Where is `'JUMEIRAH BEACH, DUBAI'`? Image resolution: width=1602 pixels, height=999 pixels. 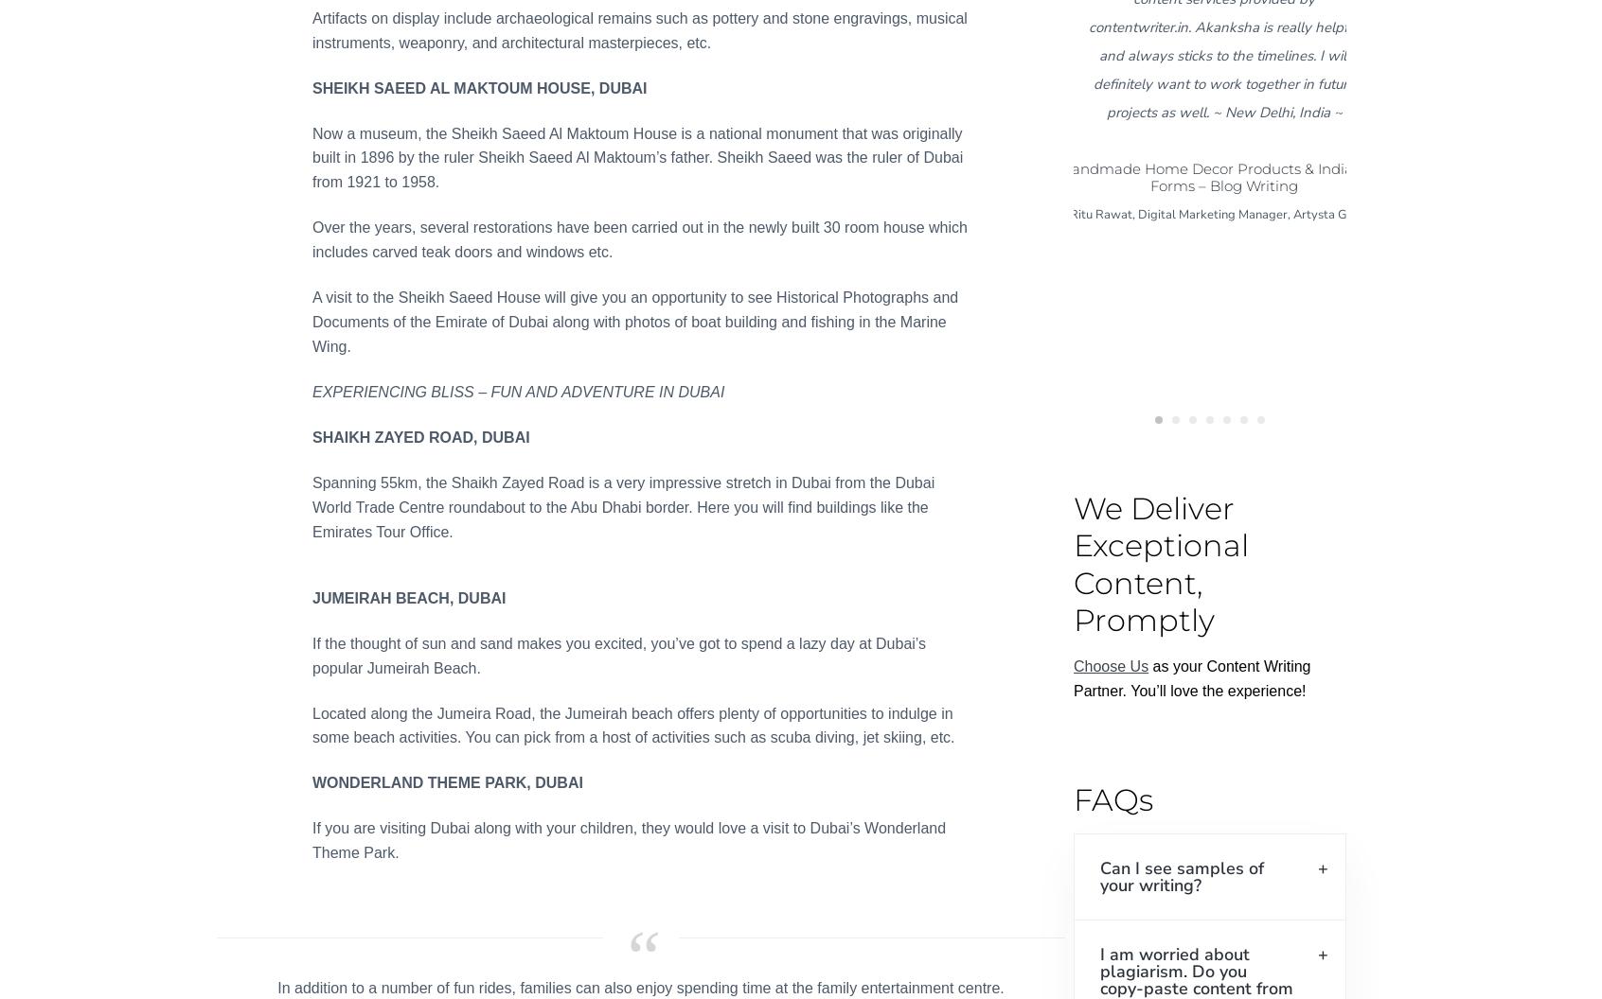 'JUMEIRAH BEACH, DUBAI' is located at coordinates (311, 596).